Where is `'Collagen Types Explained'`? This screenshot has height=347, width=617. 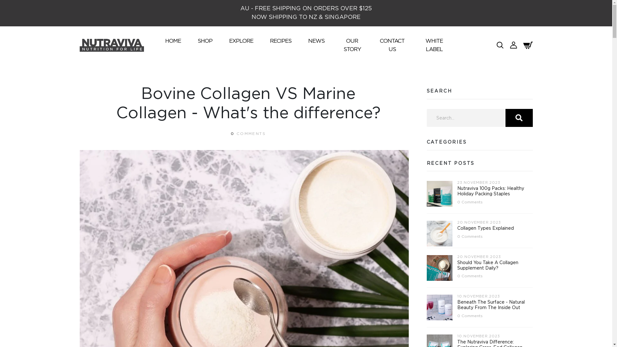
'Collagen Types Explained' is located at coordinates (456, 228).